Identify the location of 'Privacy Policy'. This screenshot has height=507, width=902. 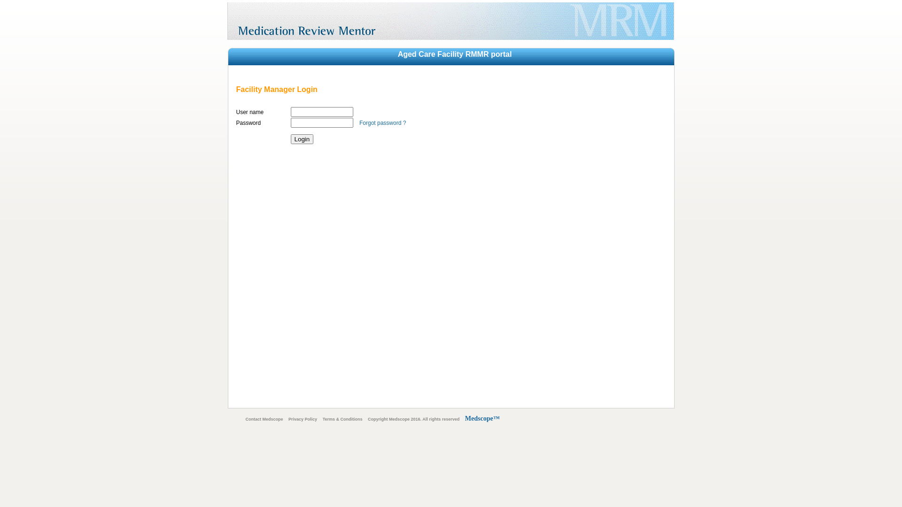
(303, 419).